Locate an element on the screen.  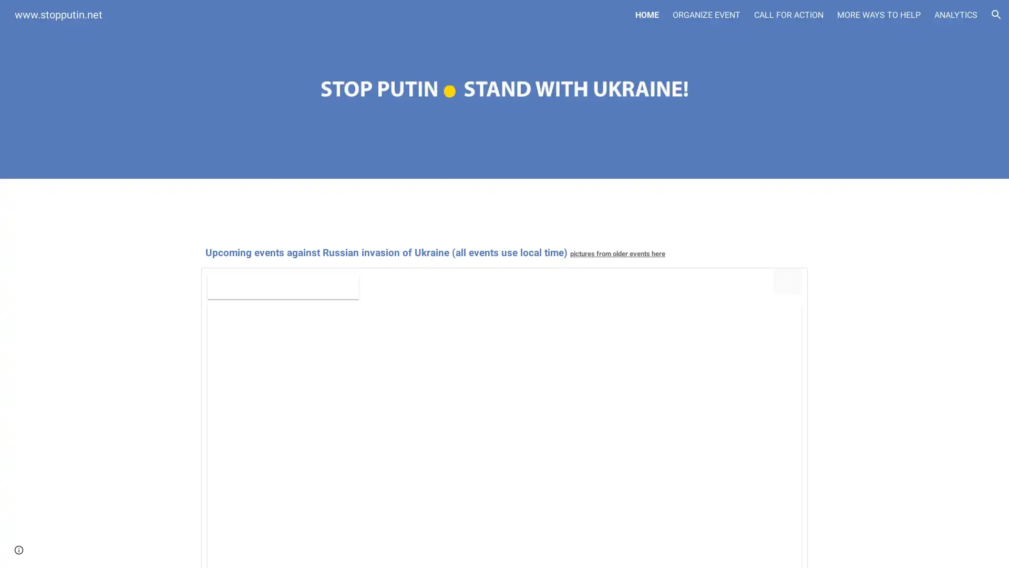
Report abuse is located at coordinates (126, 549).